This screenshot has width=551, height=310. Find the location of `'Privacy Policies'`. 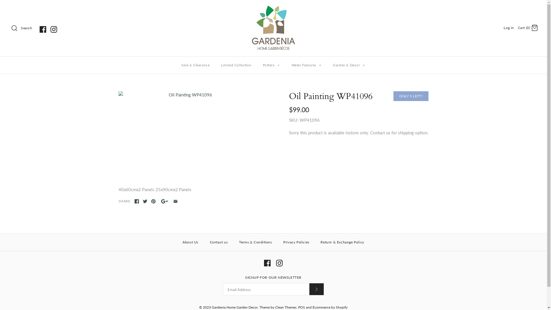

'Privacy Policies' is located at coordinates (296, 242).